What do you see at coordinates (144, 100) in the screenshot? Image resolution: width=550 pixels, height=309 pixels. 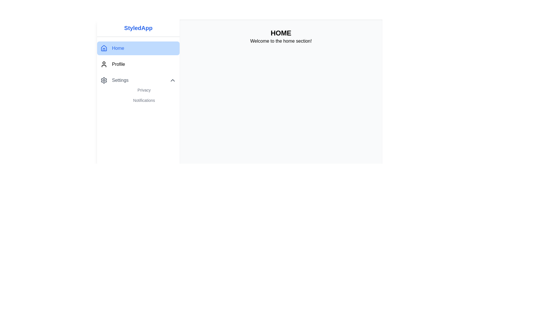 I see `the second menu item in the 'Settings' submenu, located directly below 'Privacy', to change its color to blue` at bounding box center [144, 100].